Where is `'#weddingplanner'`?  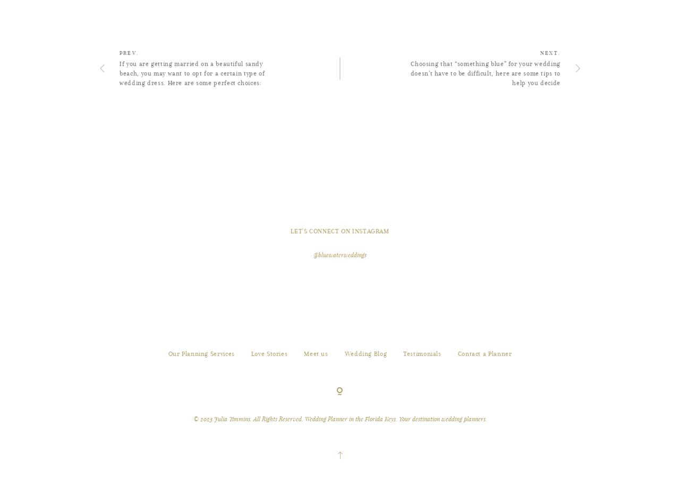 '#weddingplanner' is located at coordinates (355, 16).